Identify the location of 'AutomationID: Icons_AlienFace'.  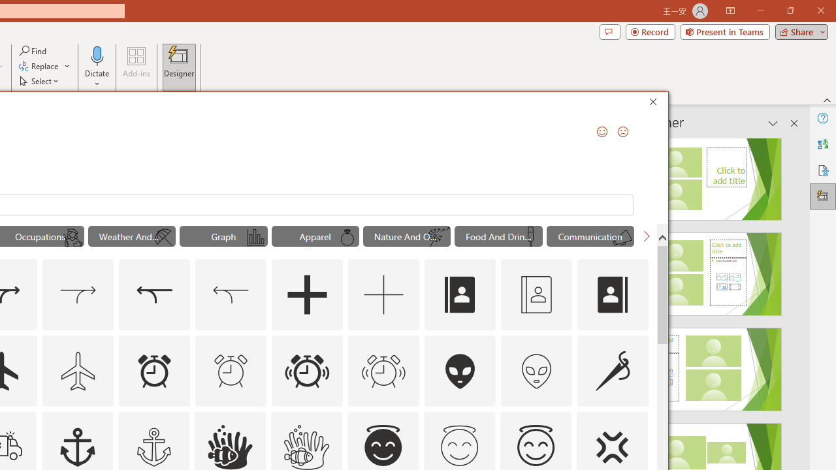
(460, 371).